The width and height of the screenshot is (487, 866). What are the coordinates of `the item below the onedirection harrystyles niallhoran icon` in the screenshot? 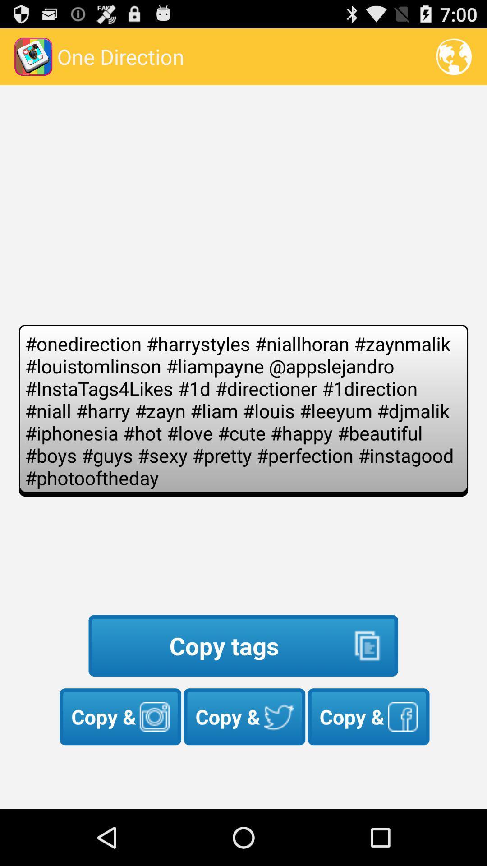 It's located at (243, 645).